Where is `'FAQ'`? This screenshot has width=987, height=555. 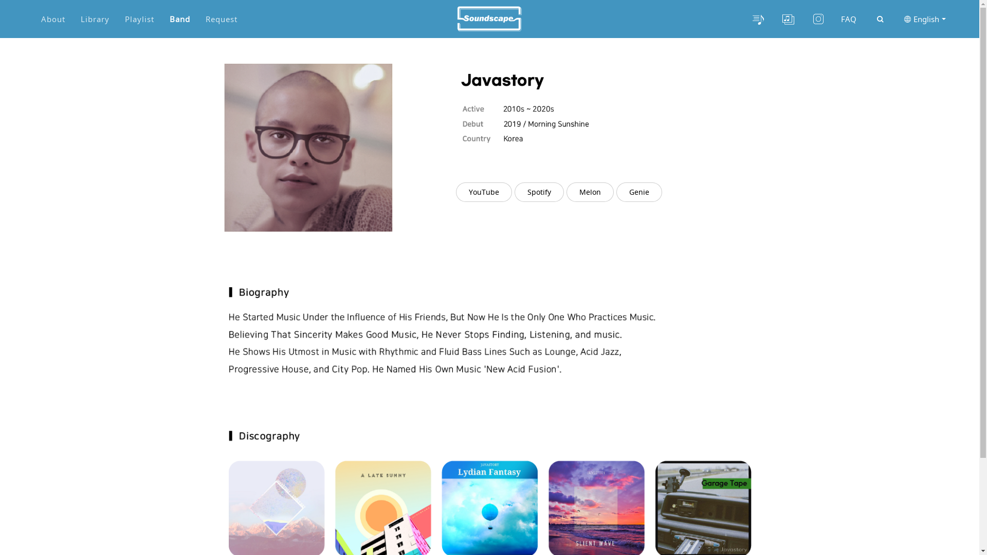 'FAQ' is located at coordinates (849, 19).